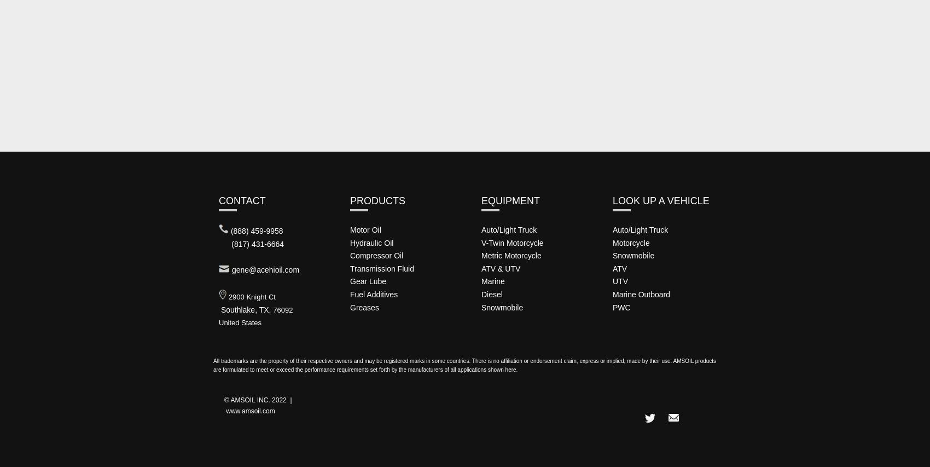  I want to click on 'Fuel Additives', so click(374, 293).